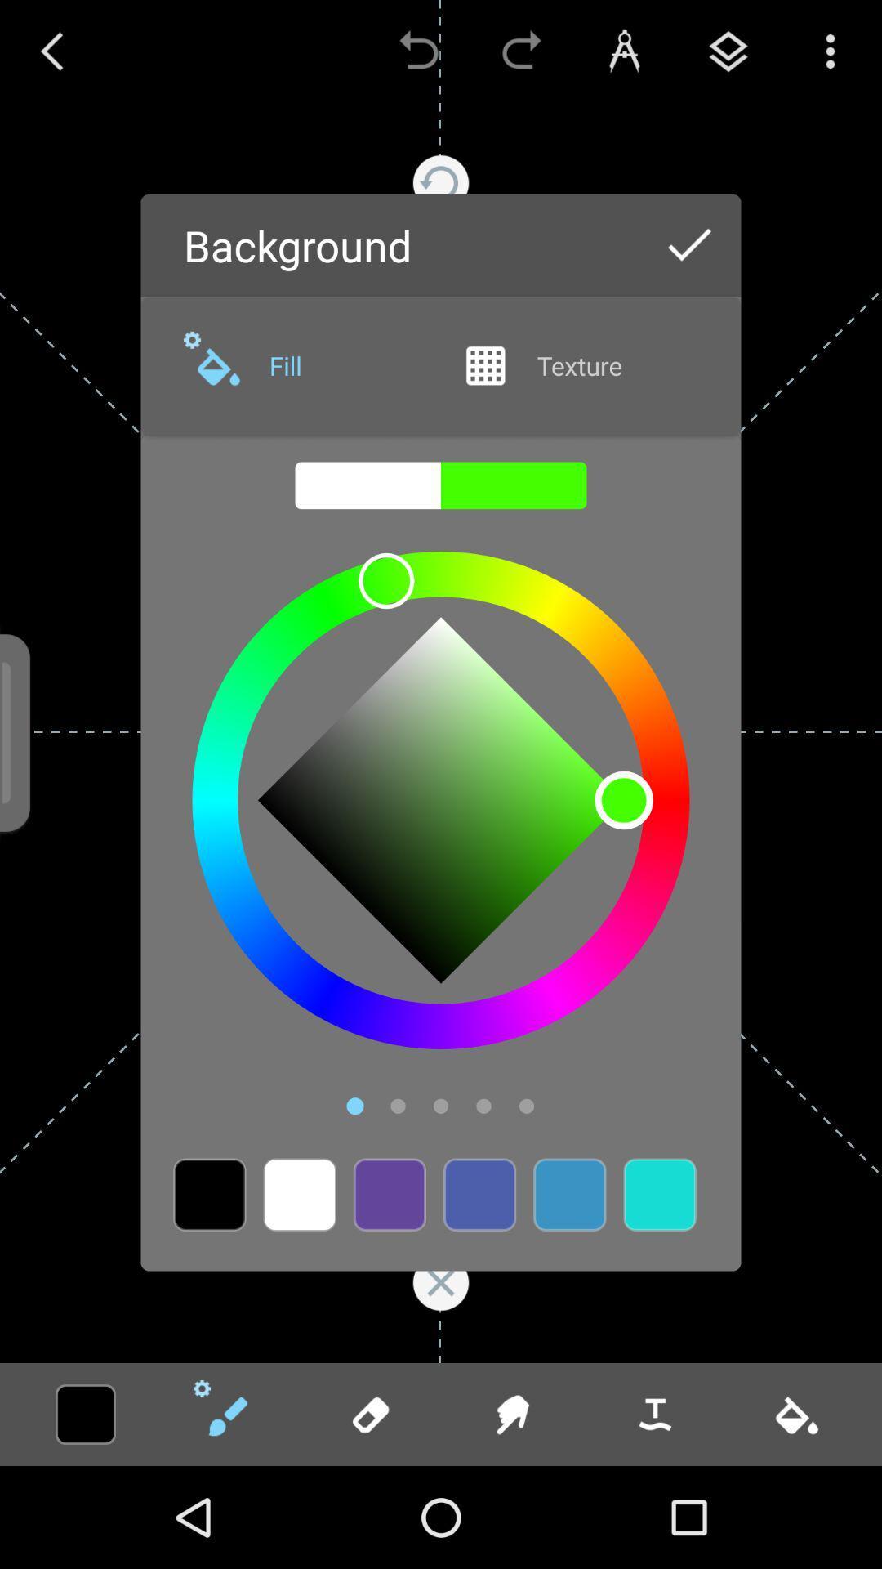 The width and height of the screenshot is (882, 1569). Describe the element at coordinates (522, 51) in the screenshot. I see `the redo icon` at that location.